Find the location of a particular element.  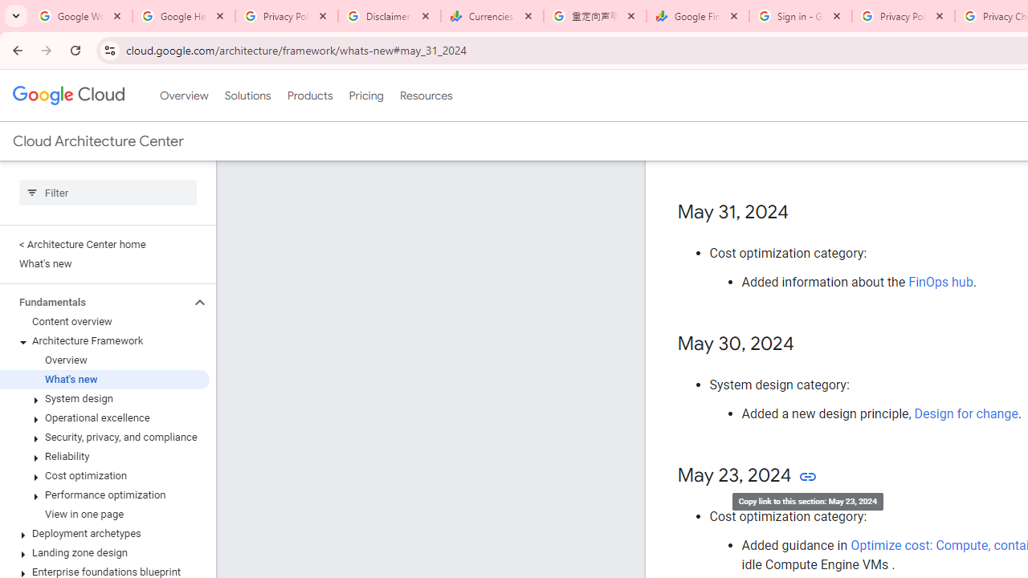

'Pricing' is located at coordinates (365, 96).